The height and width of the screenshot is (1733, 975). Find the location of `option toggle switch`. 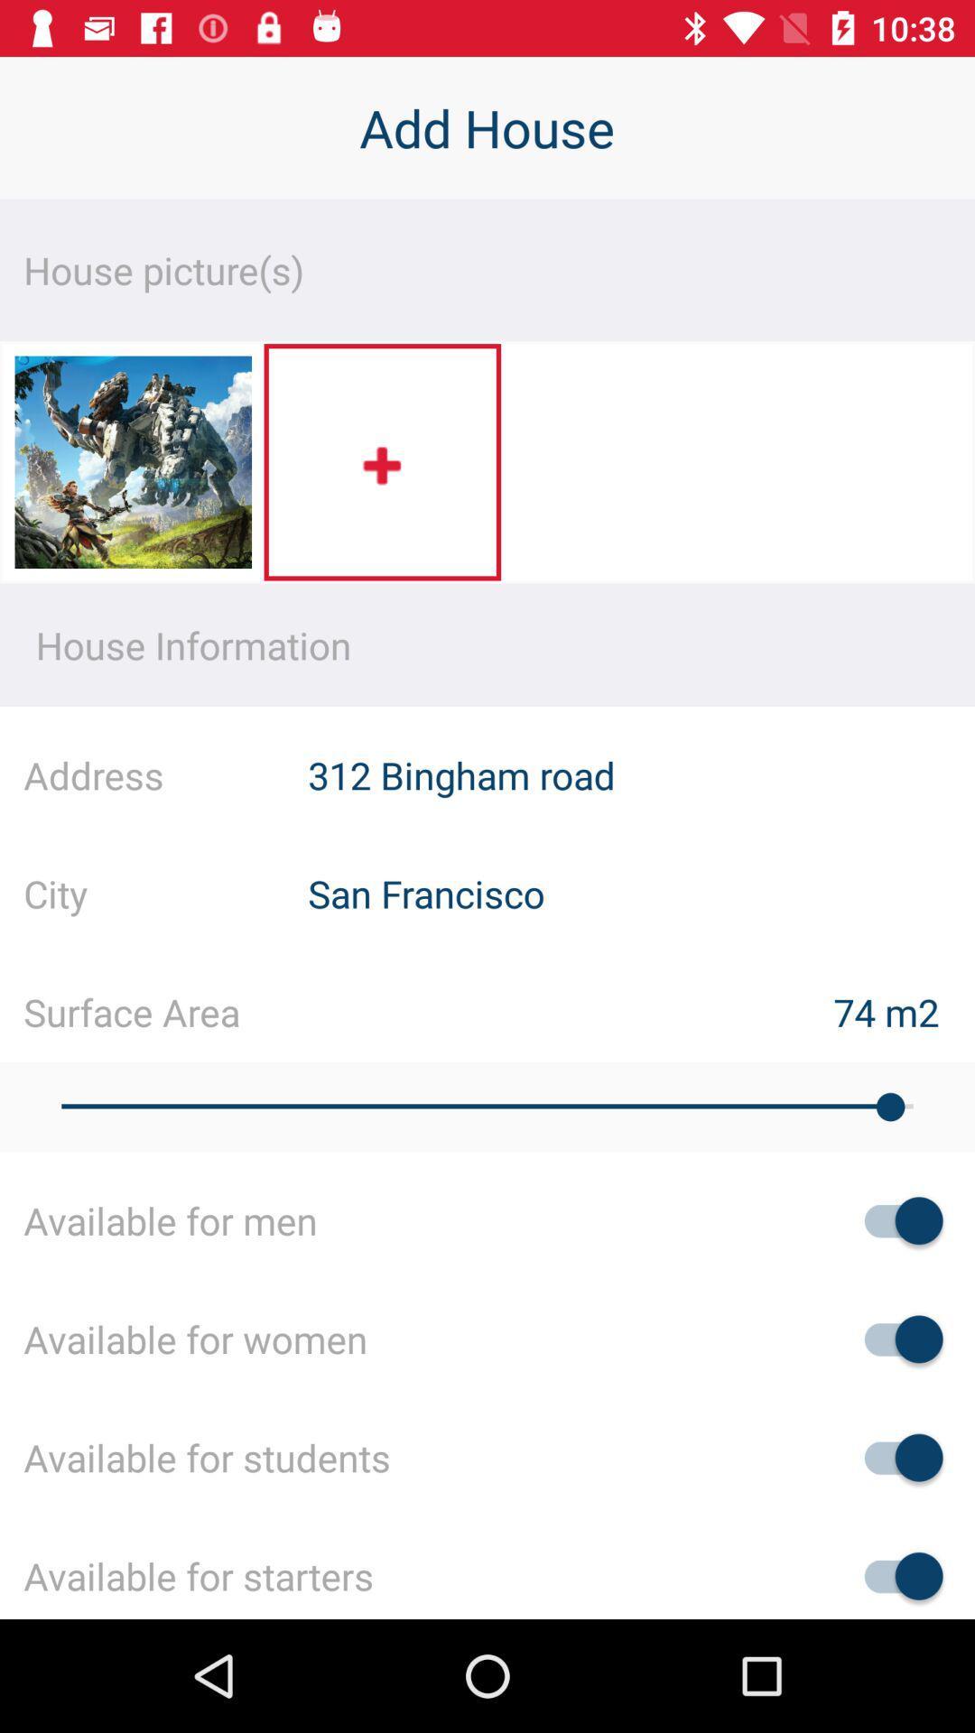

option toggle switch is located at coordinates (895, 1575).